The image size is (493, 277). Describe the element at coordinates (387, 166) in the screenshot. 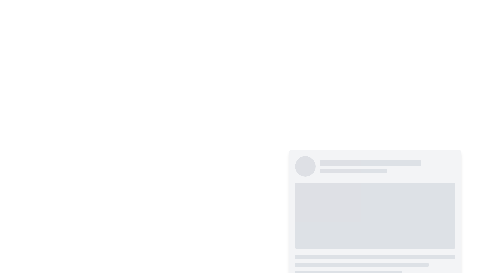

I see `the Placeholder component, which consists of two horizontal, rounded rectangles with a light gray background, located to the right of a circular placeholder` at that location.